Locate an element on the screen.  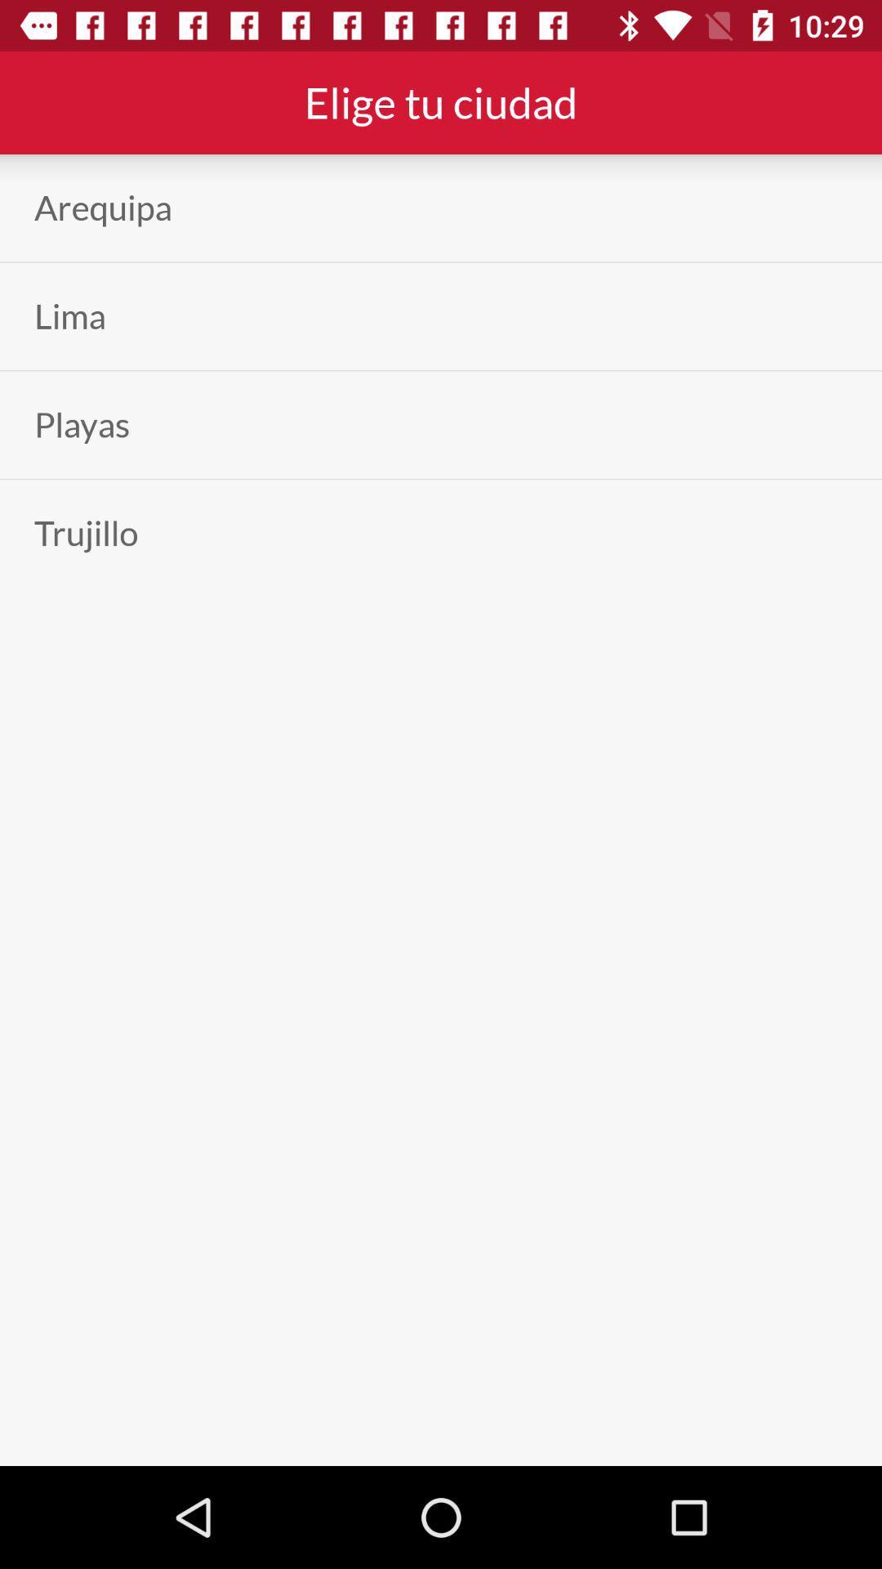
arequipa icon is located at coordinates (103, 207).